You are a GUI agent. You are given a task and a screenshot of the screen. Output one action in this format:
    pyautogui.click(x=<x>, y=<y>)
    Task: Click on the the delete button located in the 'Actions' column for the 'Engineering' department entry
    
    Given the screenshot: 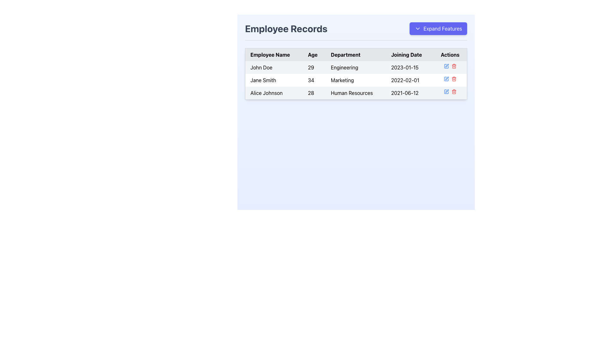 What is the action you would take?
    pyautogui.click(x=453, y=66)
    